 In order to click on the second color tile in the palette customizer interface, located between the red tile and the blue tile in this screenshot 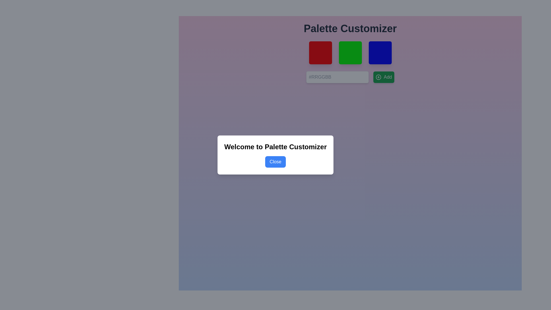, I will do `click(350, 53)`.